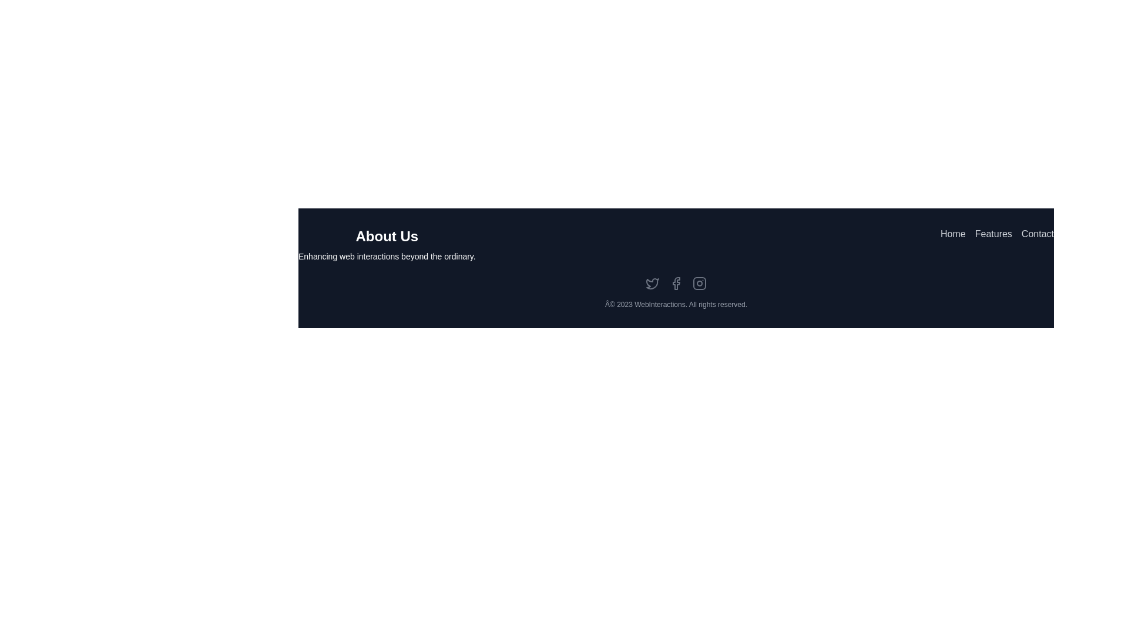  I want to click on the SVG graphical element that represents the Instagram icon, located within the footer section of the interface, so click(699, 283).